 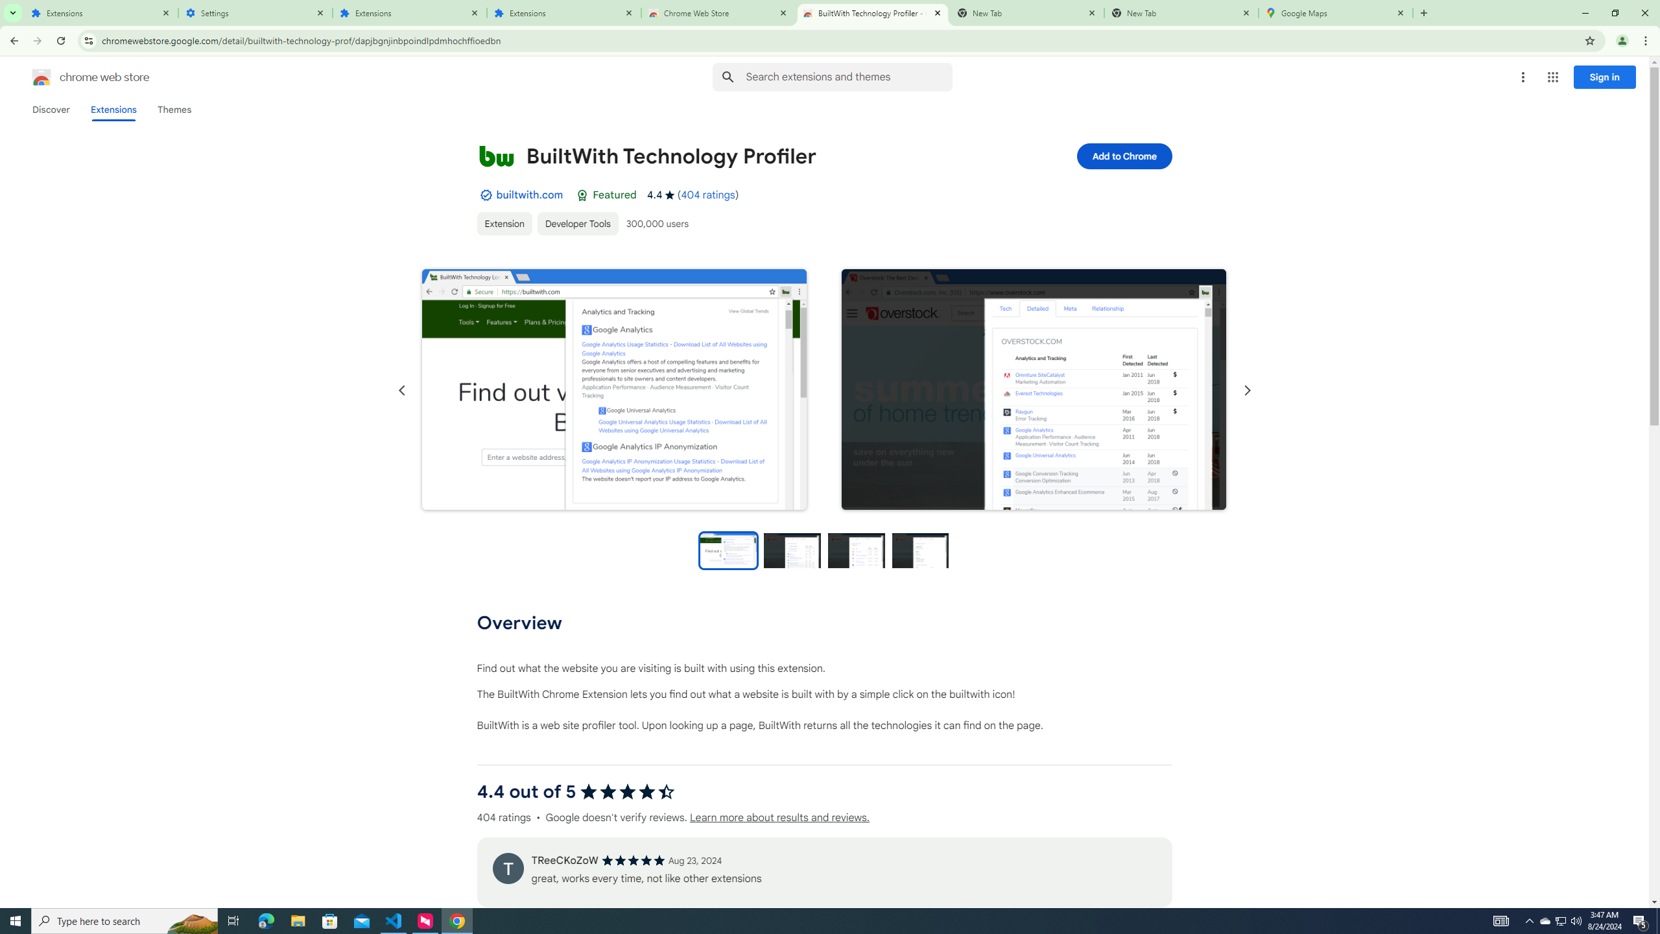 What do you see at coordinates (792, 549) in the screenshot?
I see `'Preview slide 2'` at bounding box center [792, 549].